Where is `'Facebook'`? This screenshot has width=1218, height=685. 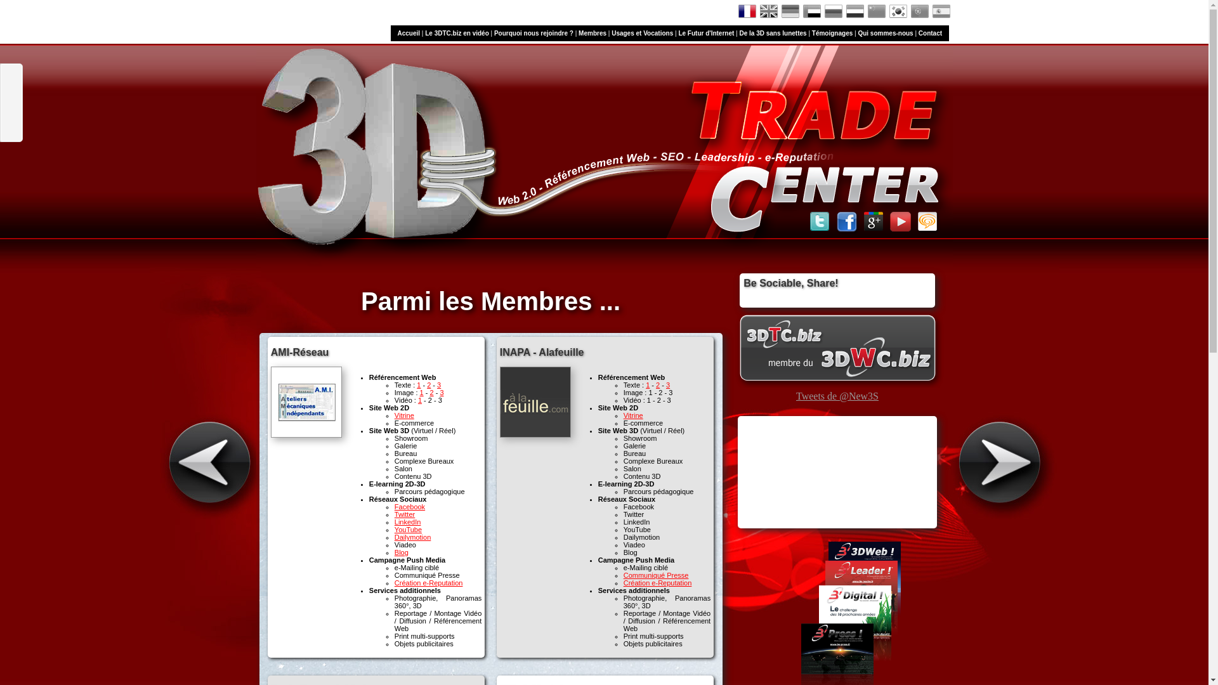
'Facebook' is located at coordinates (410, 506).